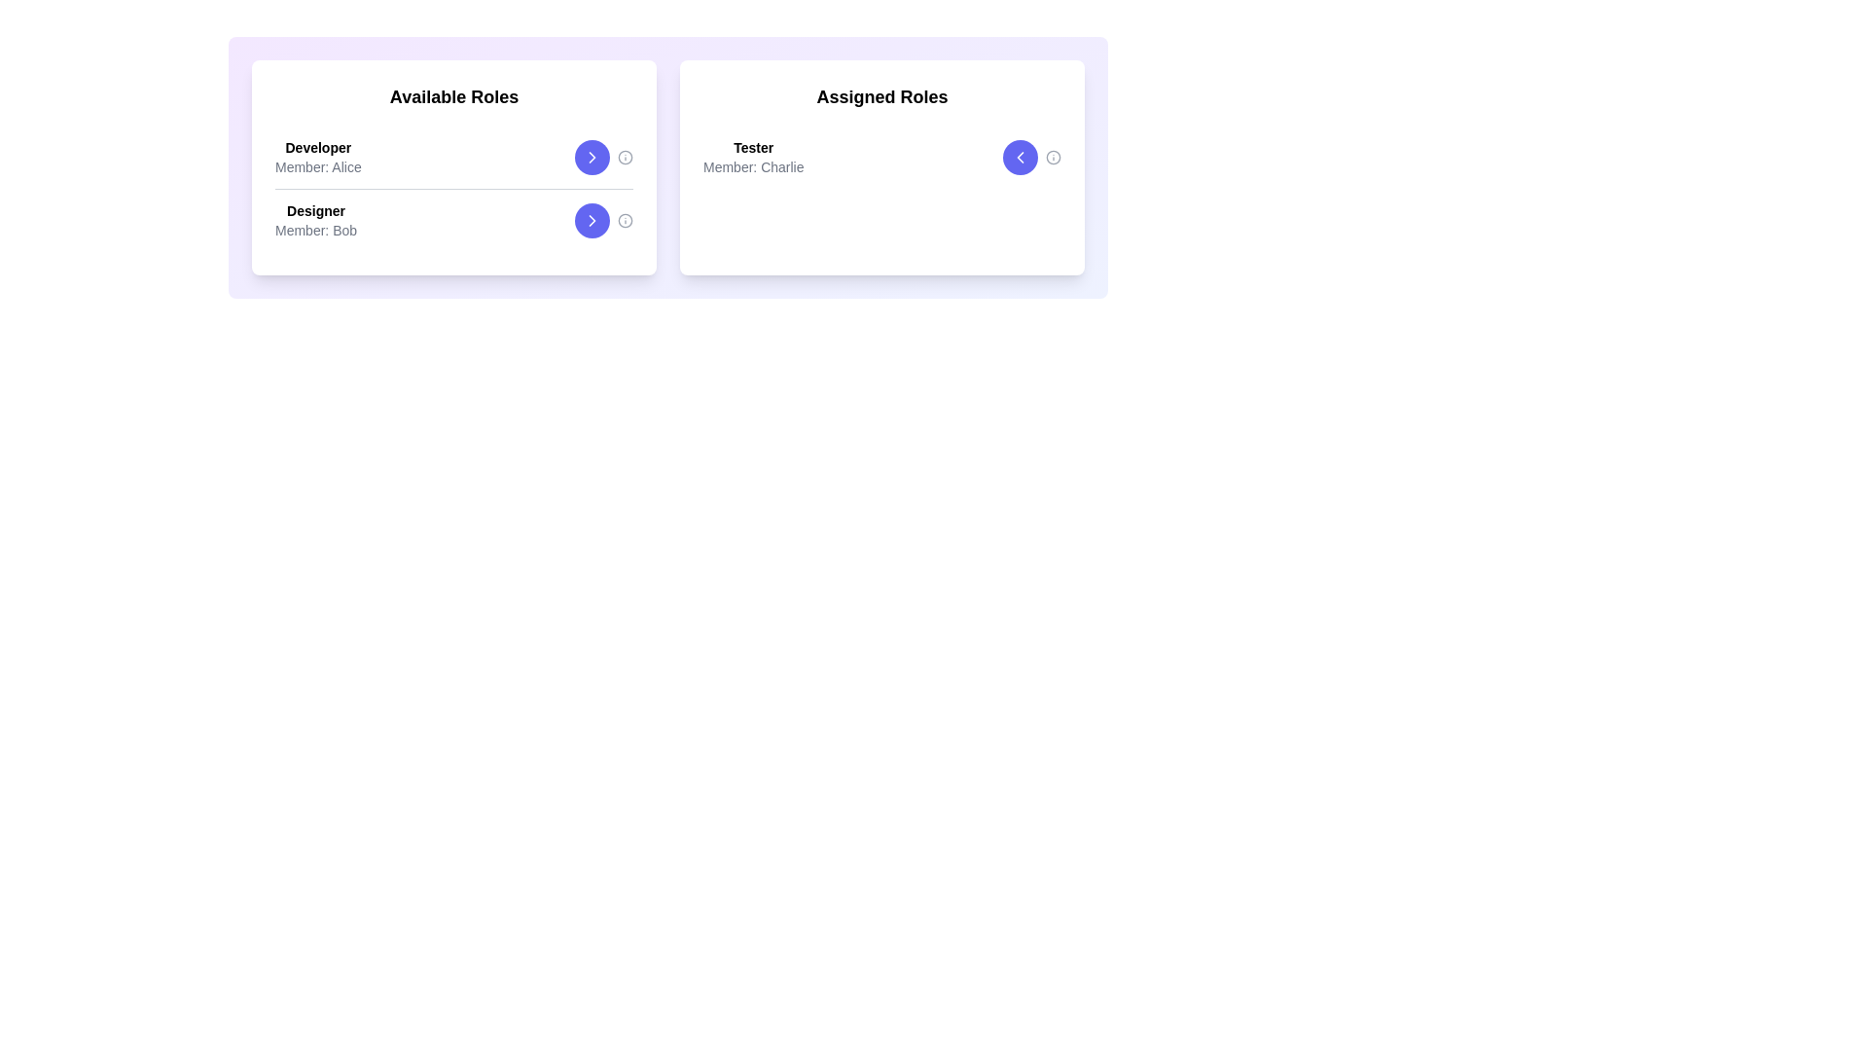 The image size is (1868, 1051). I want to click on transfer button for the role Developer in the available list, so click(592, 157).